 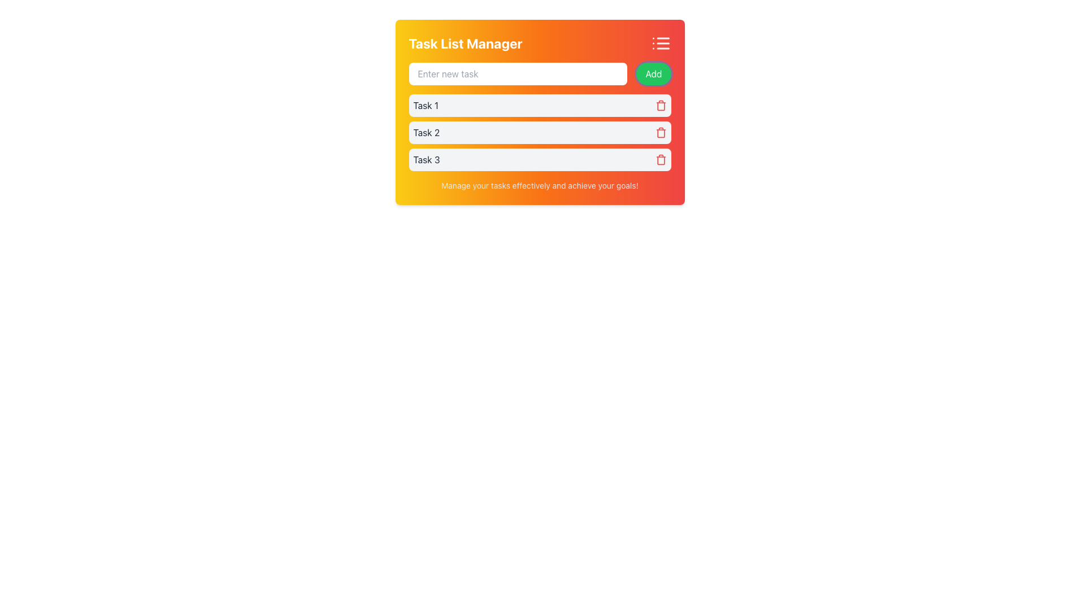 What do you see at coordinates (539, 132) in the screenshot?
I see `to select the second task item in the task list, which has a light gray background and a red delete icon to its right` at bounding box center [539, 132].